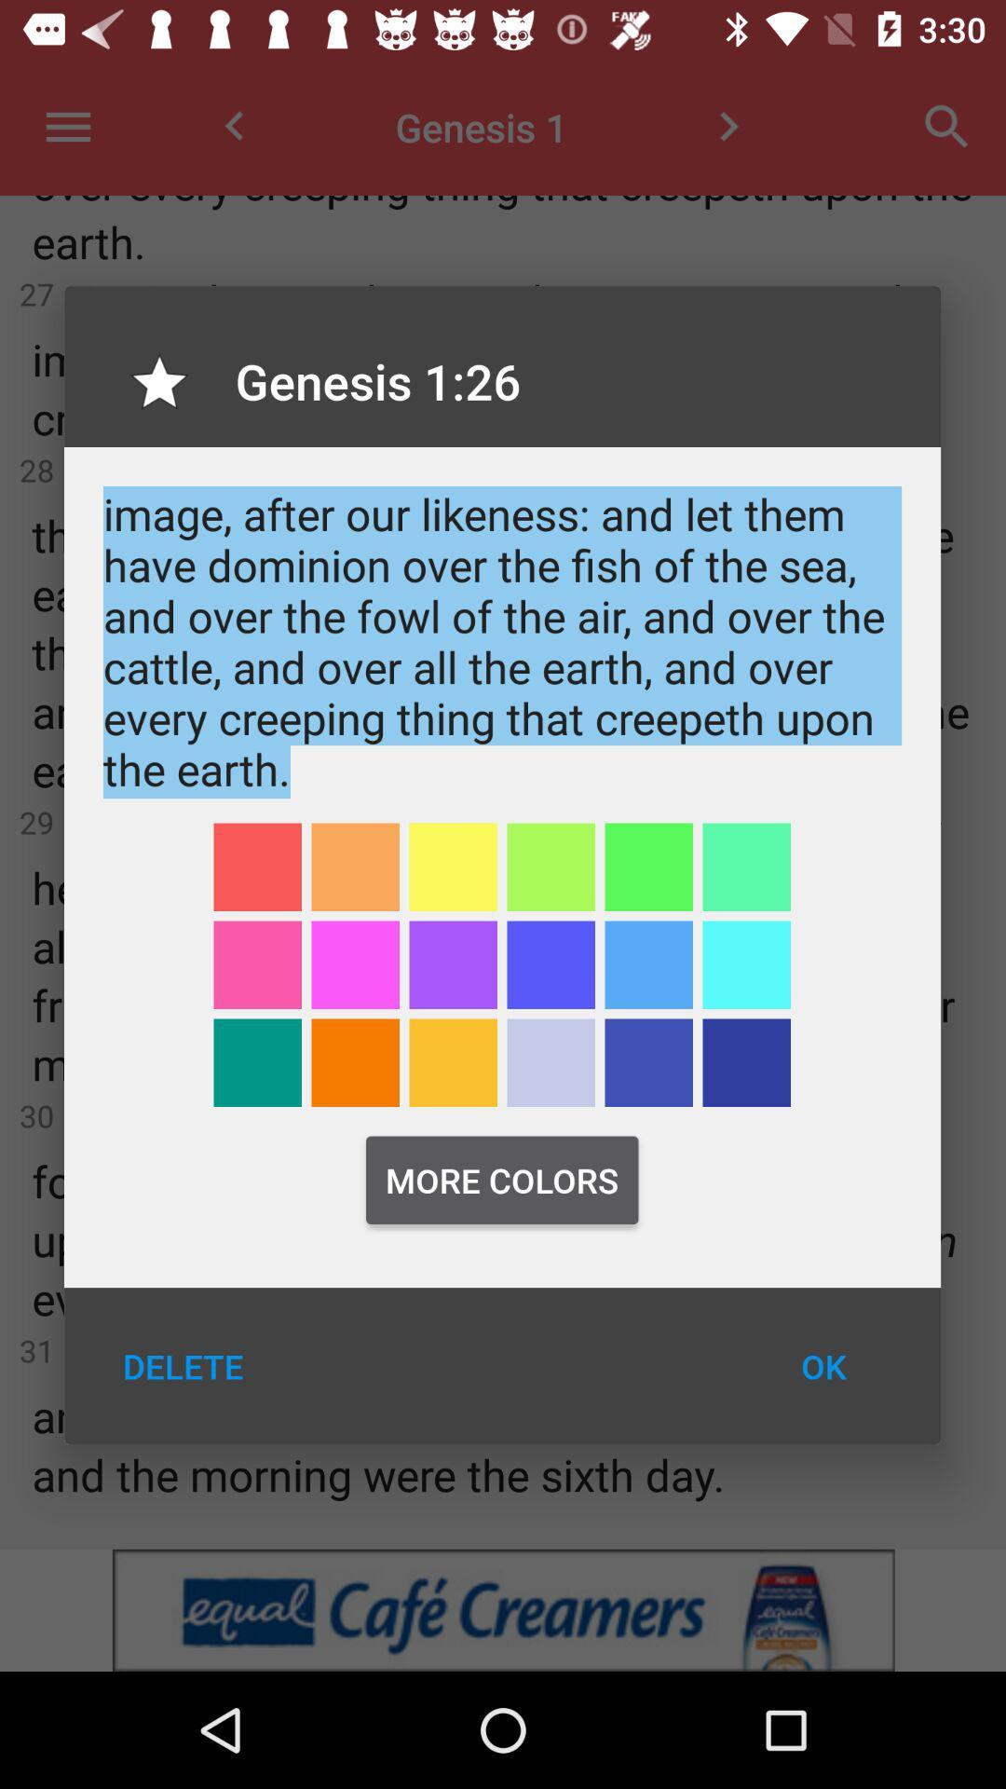 The height and width of the screenshot is (1789, 1006). Describe the element at coordinates (257, 964) in the screenshot. I see `pick this color` at that location.